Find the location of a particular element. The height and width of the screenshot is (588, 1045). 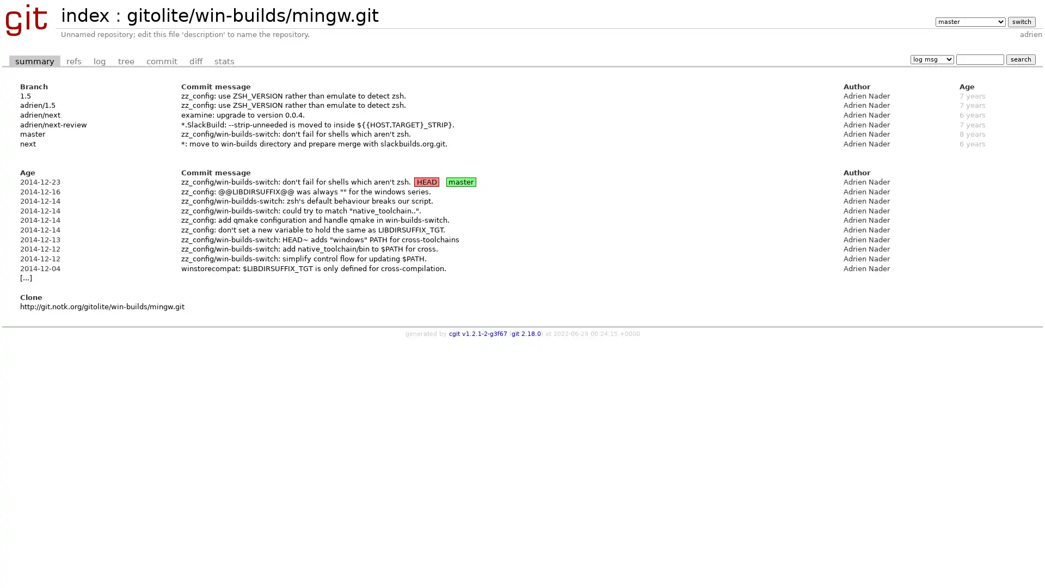

search is located at coordinates (1020, 59).